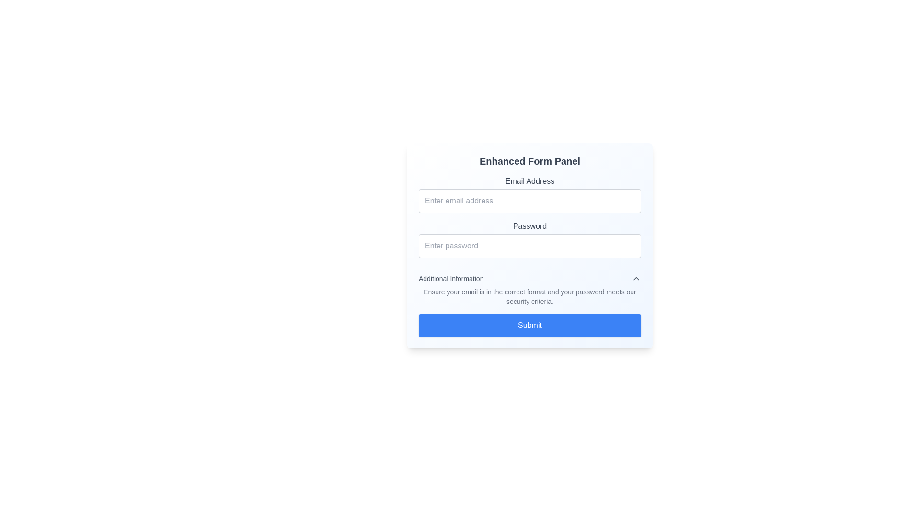  I want to click on the email address label located at the top of the form, which guides users on the expected content for the input field below it, so click(529, 181).